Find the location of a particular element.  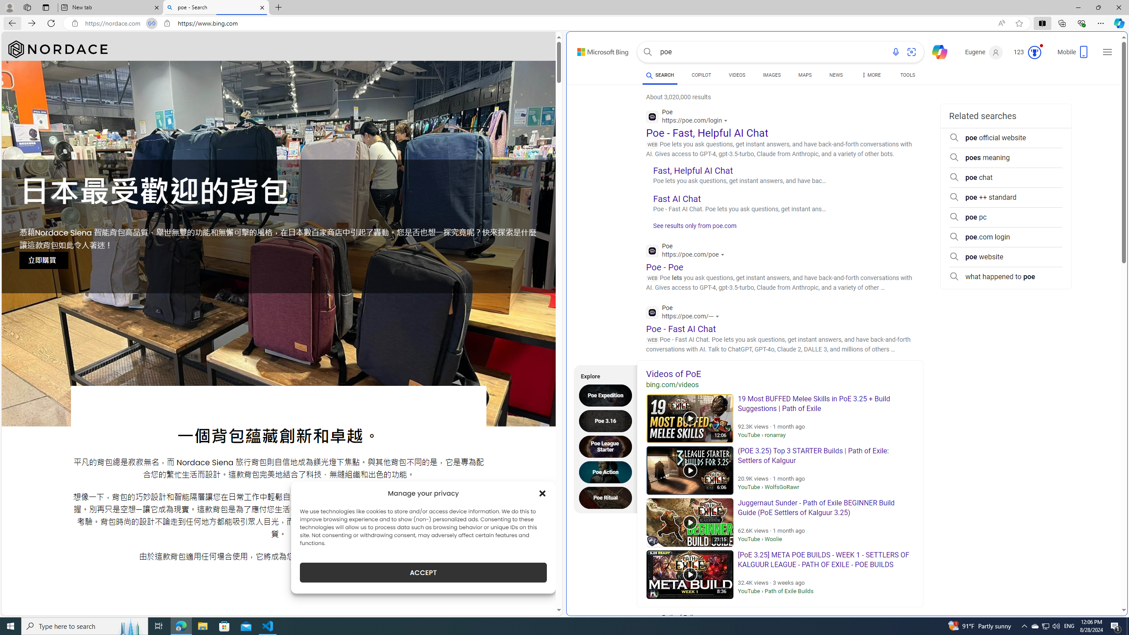

'Poe League Starter' is located at coordinates (607, 446).